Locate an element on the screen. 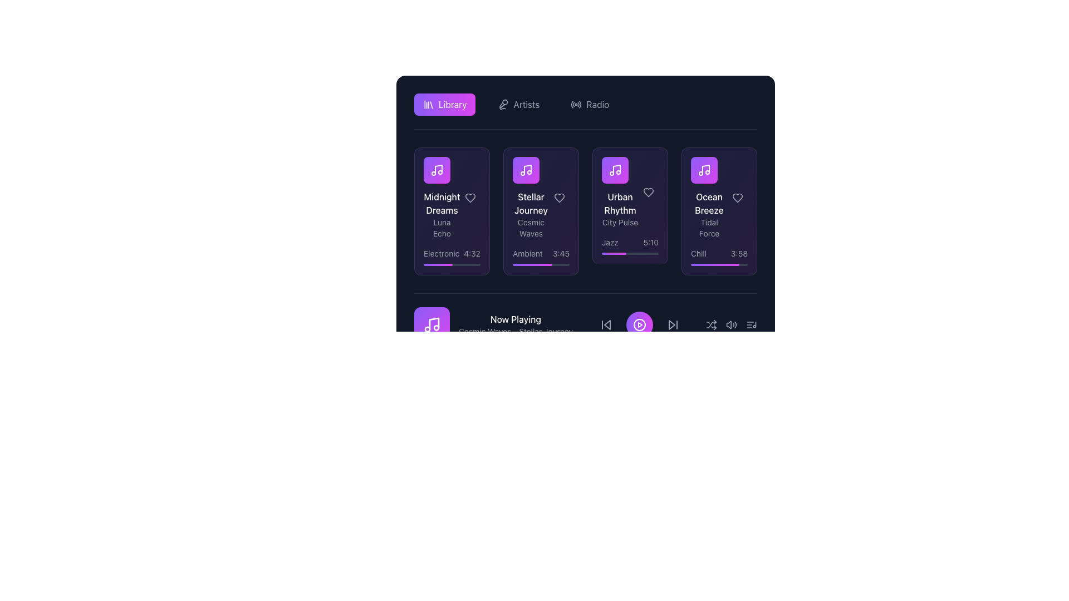 The image size is (1069, 601). the music track card titled 'Stellar Journey' is located at coordinates (531, 197).